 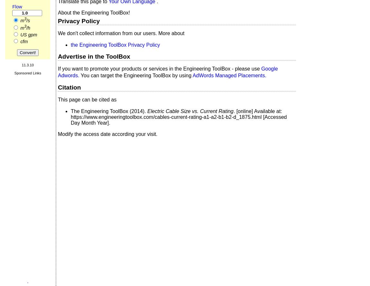 I want to click on 'Sponsored Links', so click(x=27, y=72).